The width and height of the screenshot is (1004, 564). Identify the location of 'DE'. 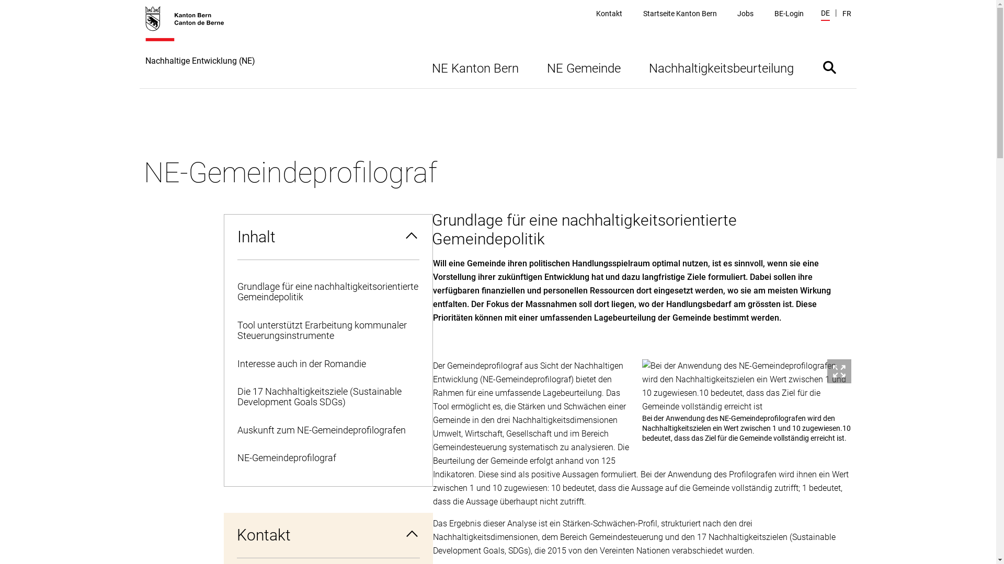
(825, 14).